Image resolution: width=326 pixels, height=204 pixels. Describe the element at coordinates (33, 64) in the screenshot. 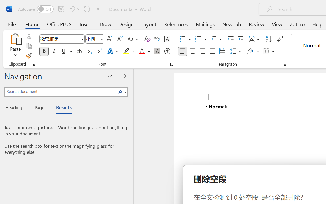

I see `'Office Clipboard...'` at that location.